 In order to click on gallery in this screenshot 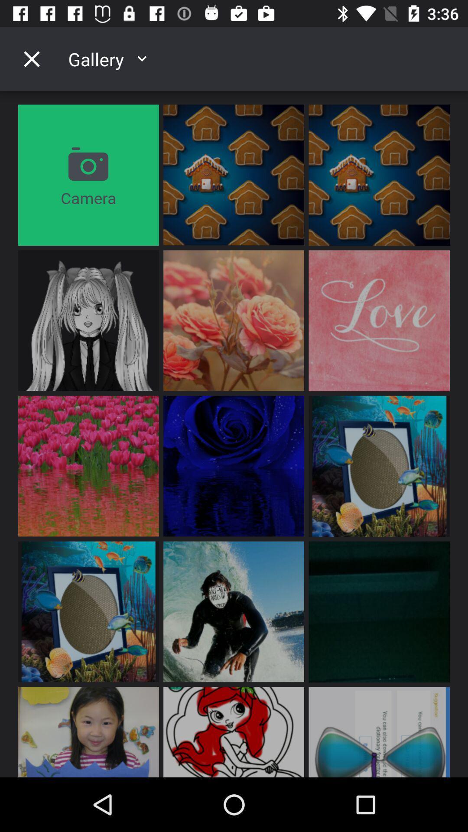, I will do `click(209, 58)`.